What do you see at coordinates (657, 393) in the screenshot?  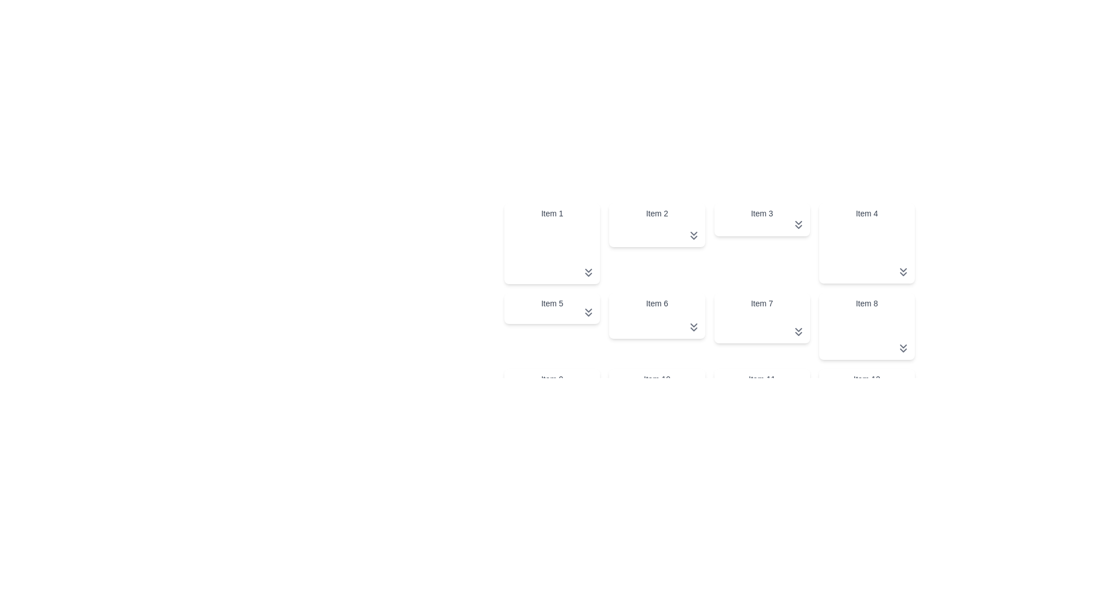 I see `the Card representing 'Item 10', which is the tenth item in a grid layout` at bounding box center [657, 393].